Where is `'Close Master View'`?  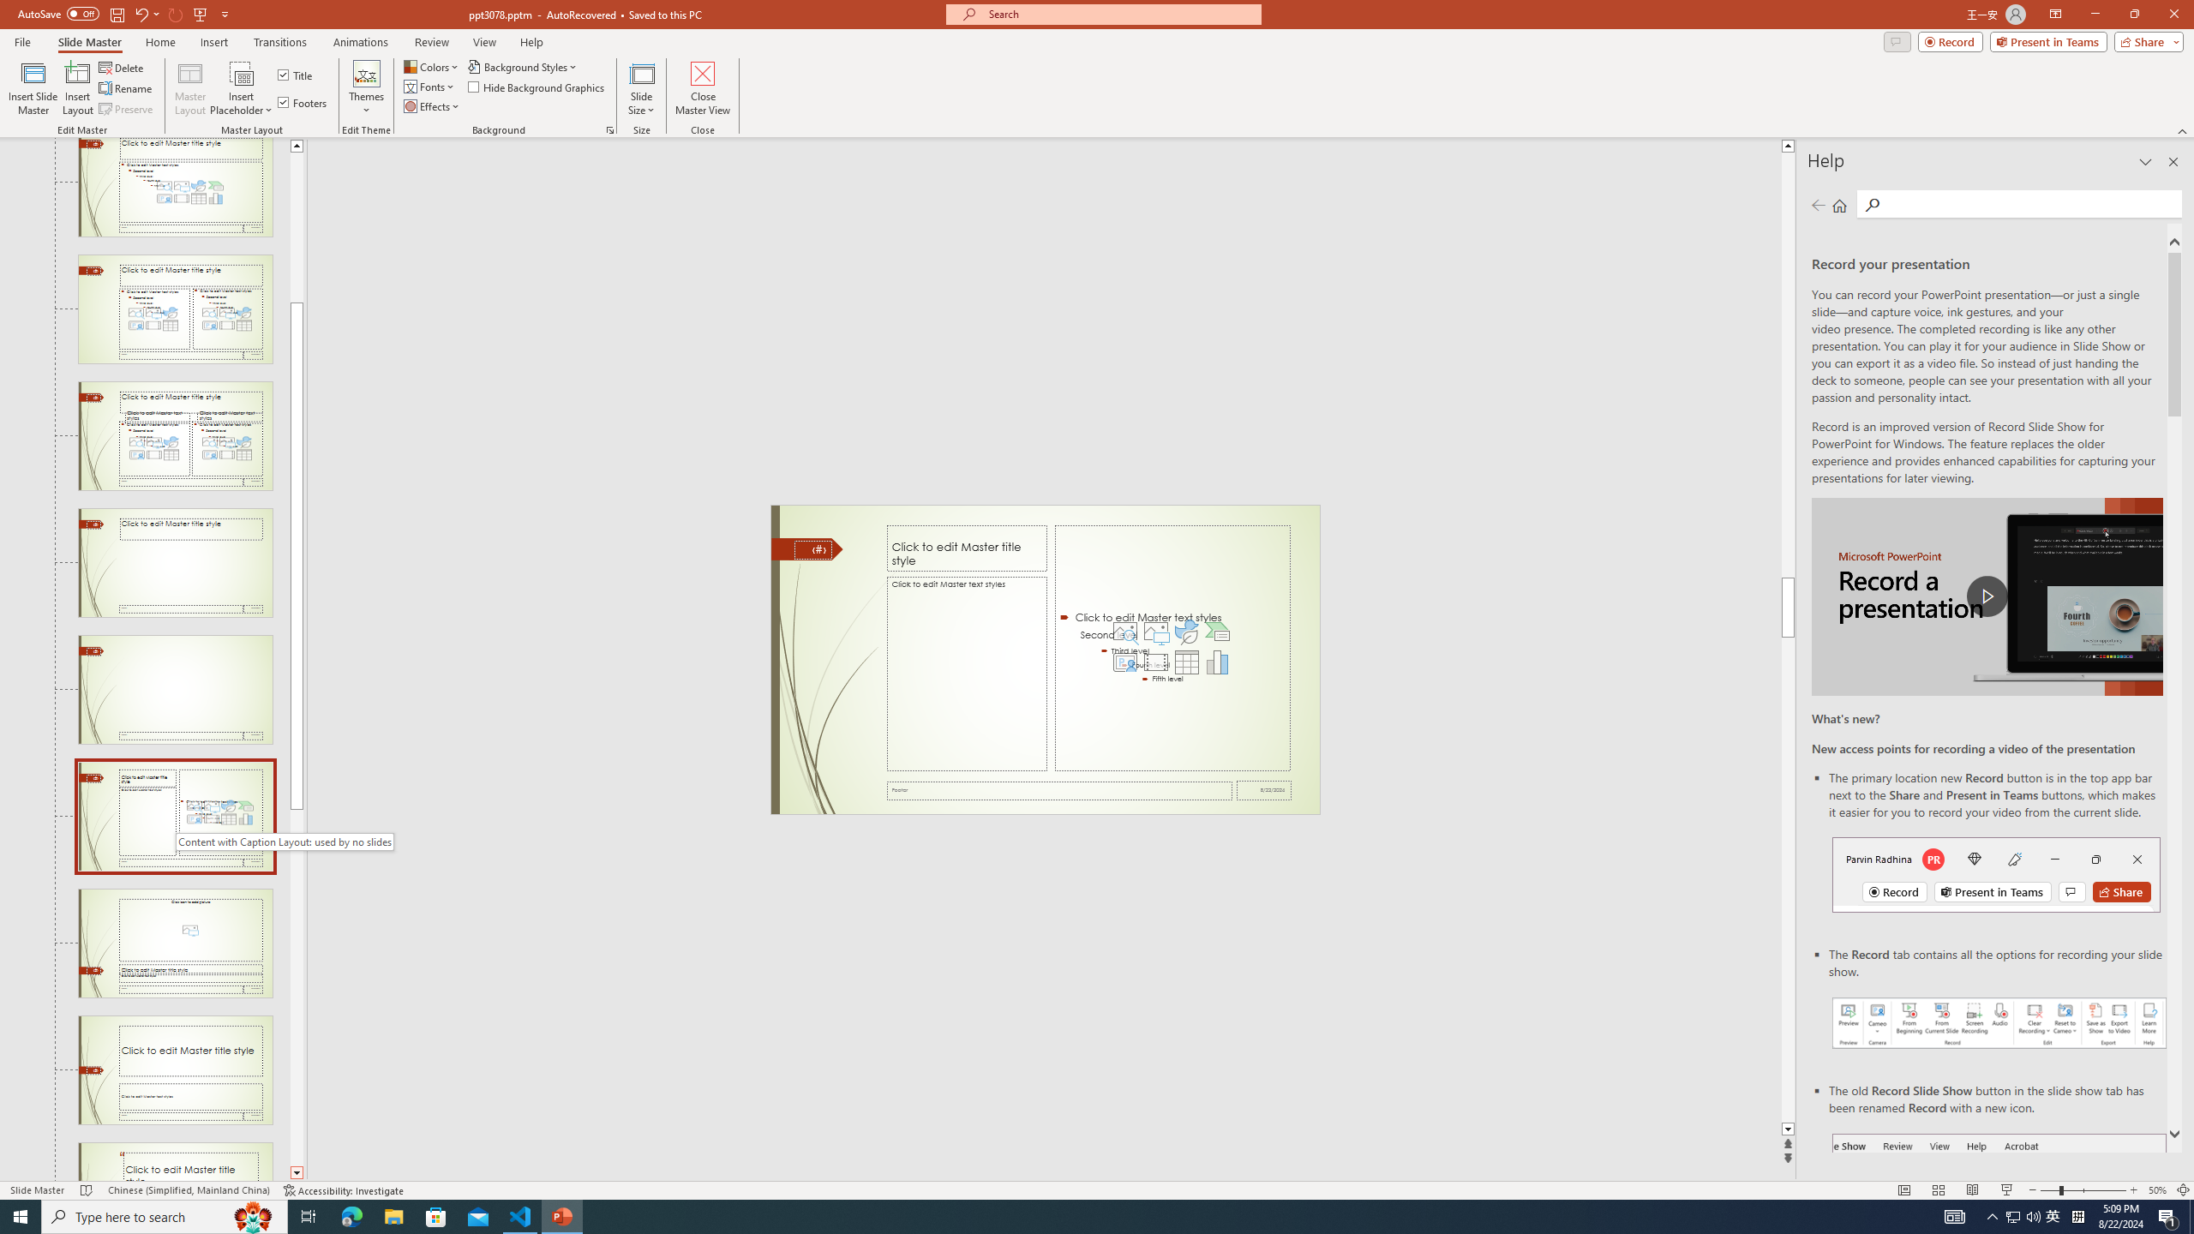
'Close Master View' is located at coordinates (702, 88).